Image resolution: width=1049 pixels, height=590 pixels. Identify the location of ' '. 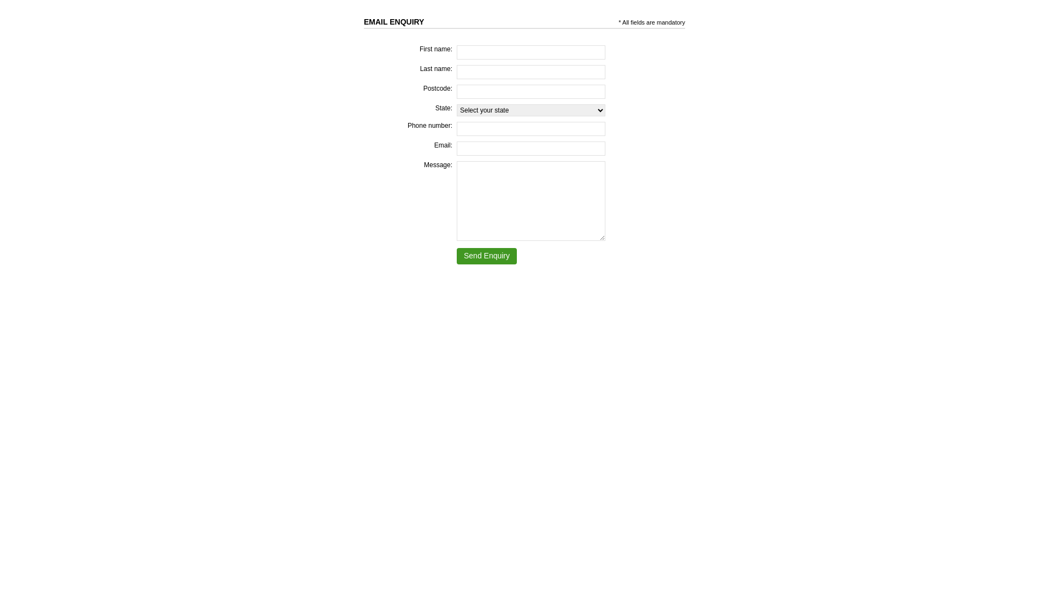
(423, 21).